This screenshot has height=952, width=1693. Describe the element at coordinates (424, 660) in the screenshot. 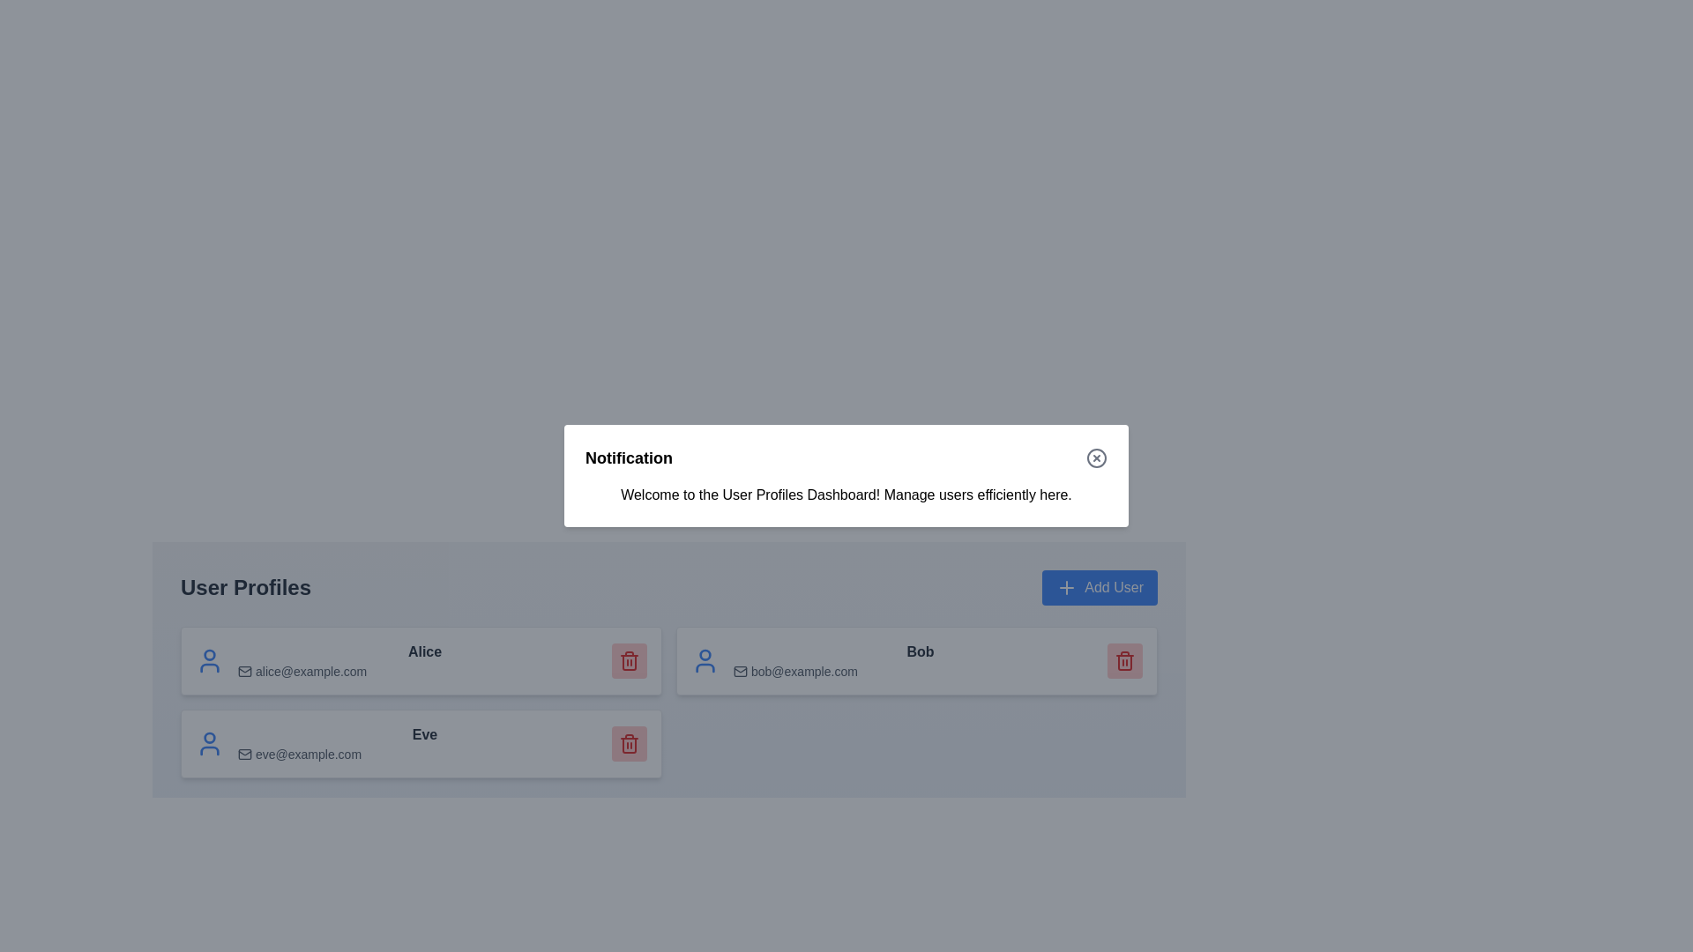

I see `the text label displaying 'Alice' in bold, black font` at that location.